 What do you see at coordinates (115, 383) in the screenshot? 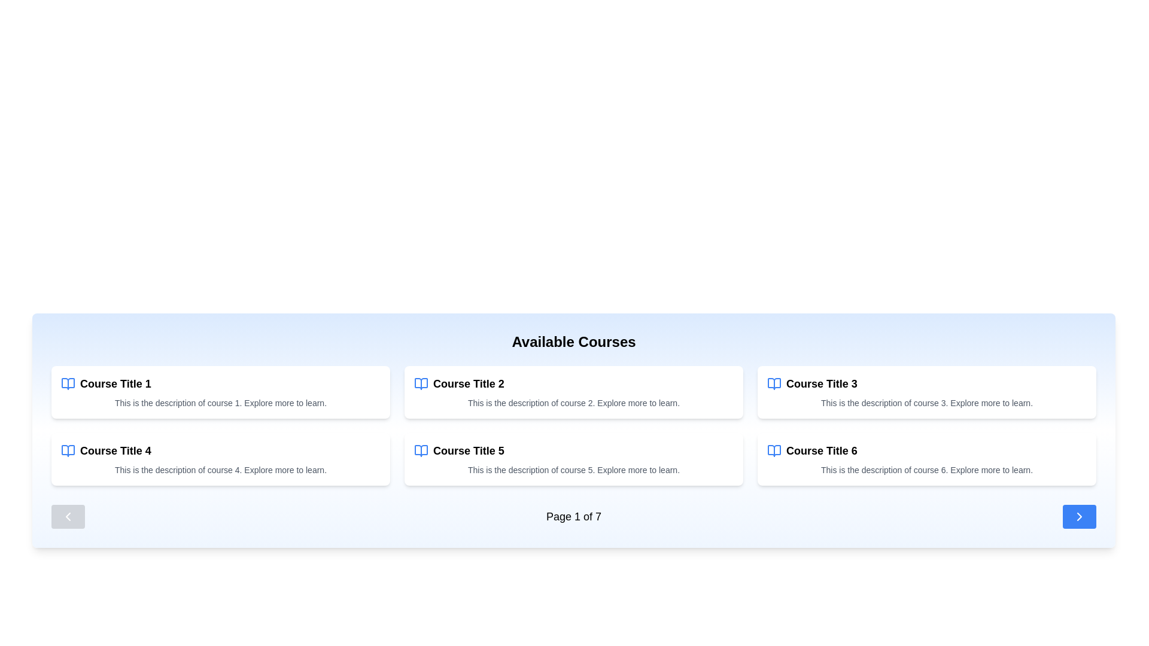
I see `the text displayed in the title of the course, located at the top-left corner of the first card in a grid of course cards, just after a book icon` at bounding box center [115, 383].